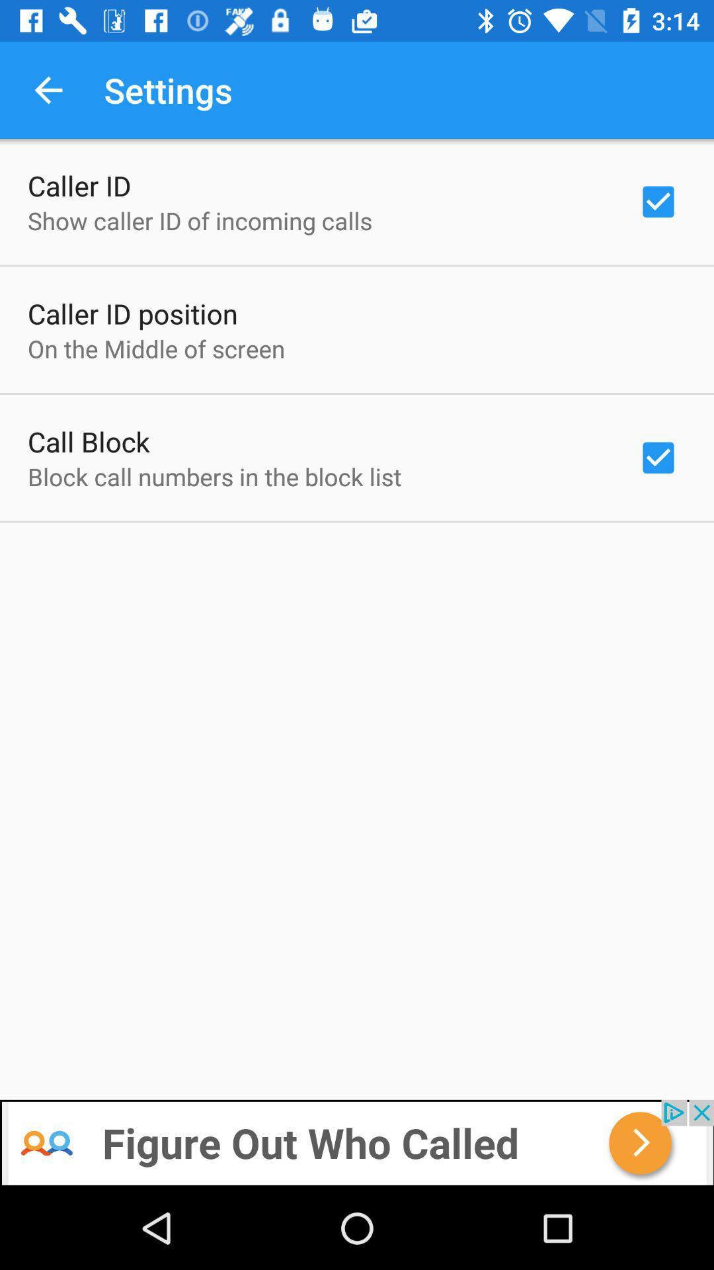  Describe the element at coordinates (357, 1142) in the screenshot. I see `open advertisement` at that location.